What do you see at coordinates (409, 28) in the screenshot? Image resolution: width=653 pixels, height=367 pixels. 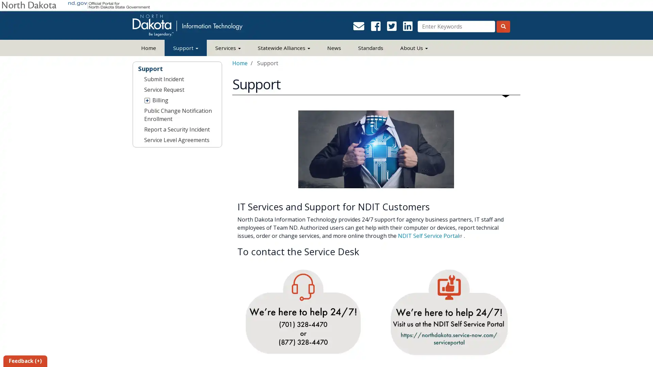 I see `Link me on Linkedin` at bounding box center [409, 28].